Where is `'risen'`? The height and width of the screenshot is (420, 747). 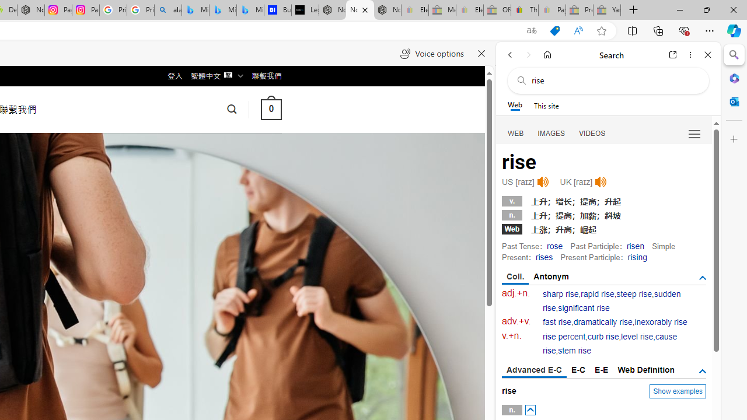
'risen' is located at coordinates (634, 245).